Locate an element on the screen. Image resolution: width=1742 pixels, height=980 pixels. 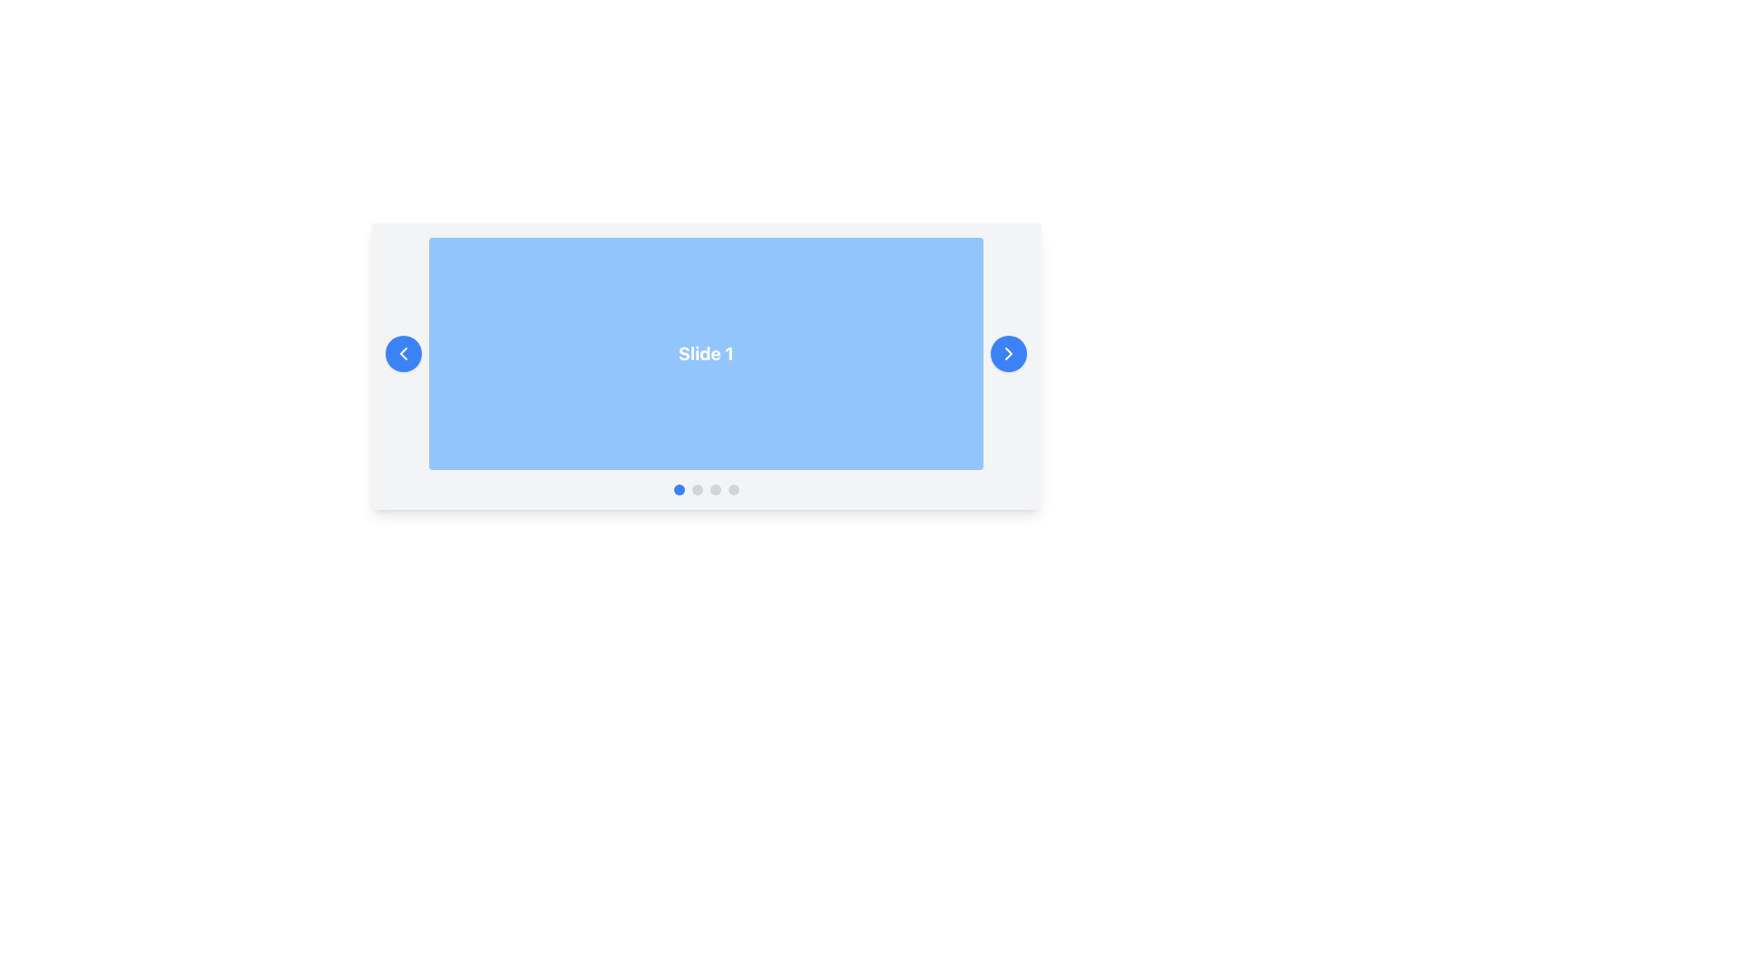
the right-pointing arrow icon embedded within the circular blue button is located at coordinates (1008, 353).